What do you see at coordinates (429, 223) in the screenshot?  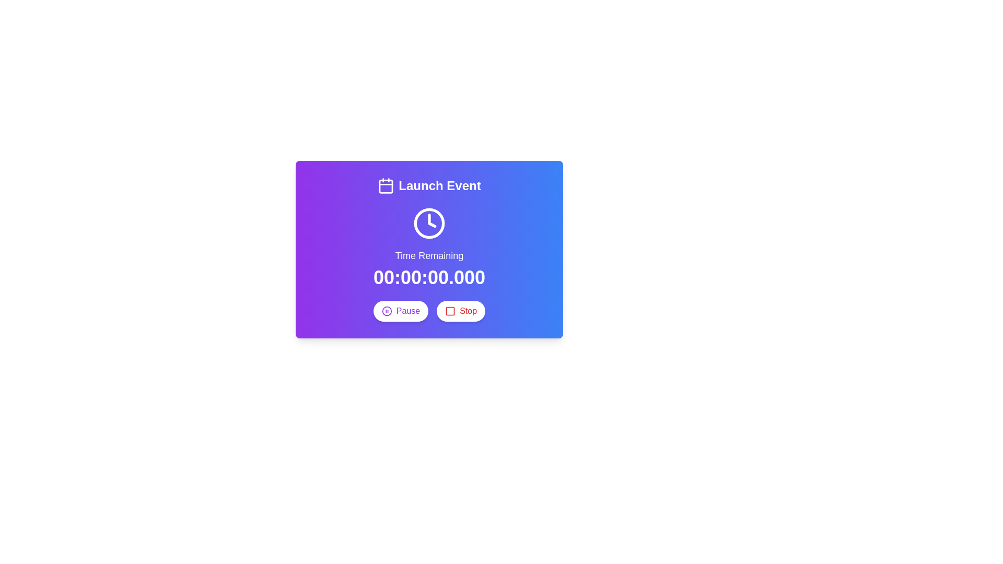 I see `the circular clock icon with a prominent hour and minute hand, which is centrally located below the 'Launch Event' title and above the timer display` at bounding box center [429, 223].